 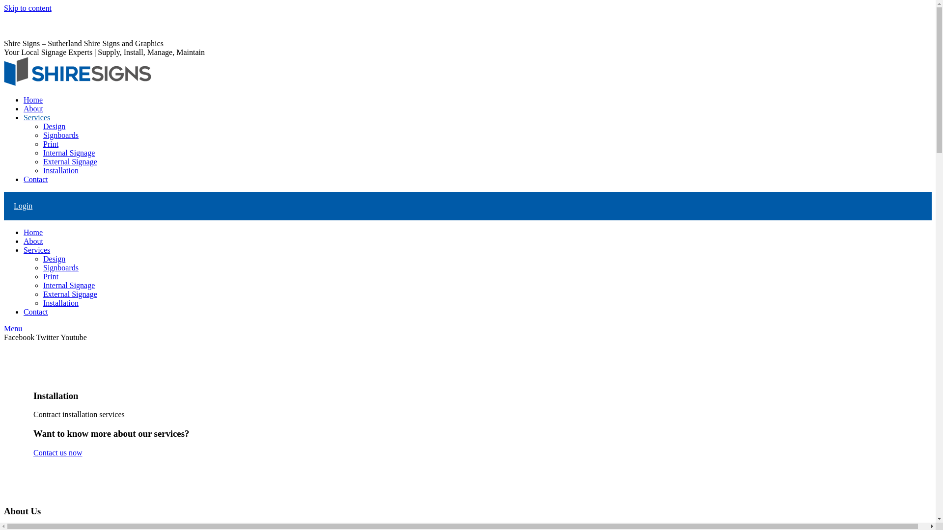 What do you see at coordinates (24, 25) in the screenshot?
I see `'My Account'` at bounding box center [24, 25].